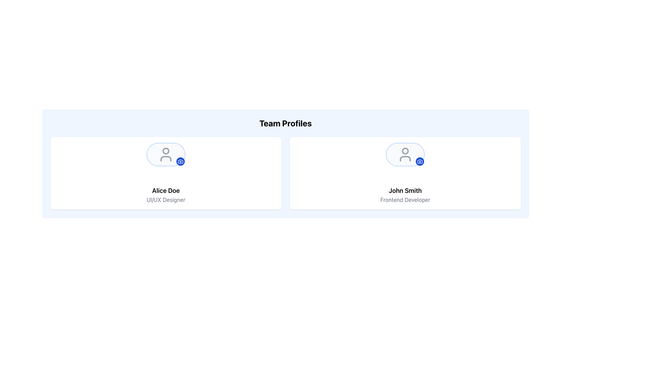 The width and height of the screenshot is (668, 376). Describe the element at coordinates (285, 123) in the screenshot. I see `text from the header label that organizes the team member profiles section, which is centrally aligned above the profiles of 'Alice Doe' and 'John Smith'` at that location.